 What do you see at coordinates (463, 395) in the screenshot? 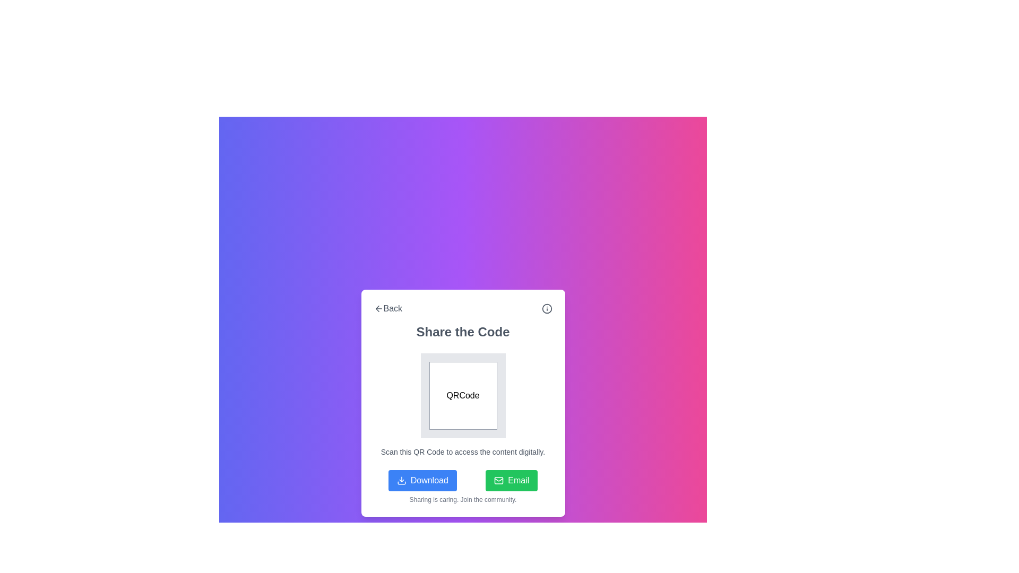
I see `the QR code element located in the middle of the card interface under the title 'Share the Code' and above the description text 'Scan this QR Code` at bounding box center [463, 395].